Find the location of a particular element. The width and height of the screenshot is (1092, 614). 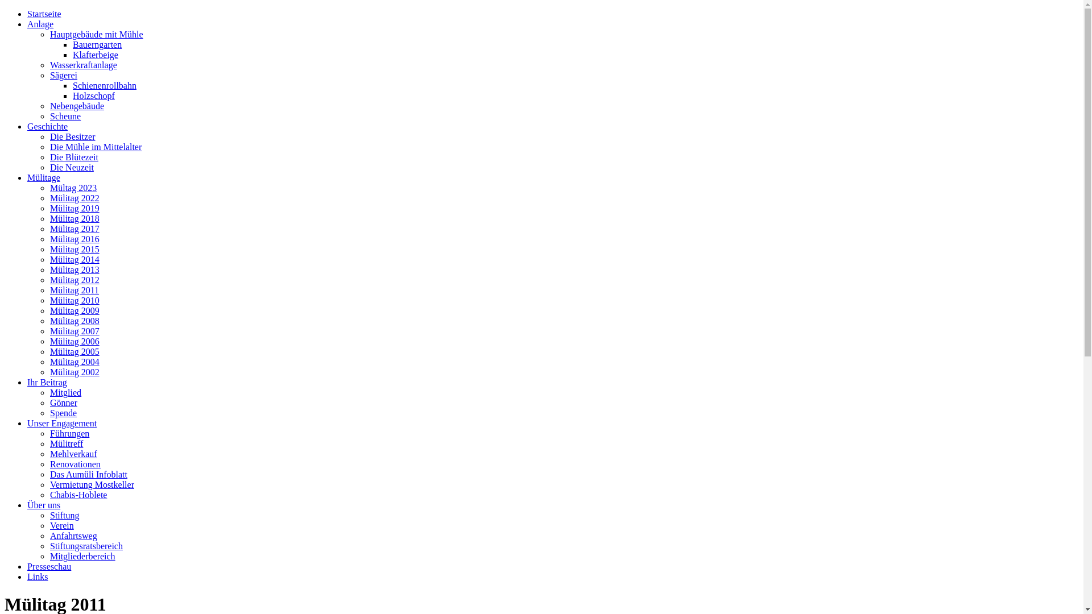

'Die Besitzer' is located at coordinates (72, 136).